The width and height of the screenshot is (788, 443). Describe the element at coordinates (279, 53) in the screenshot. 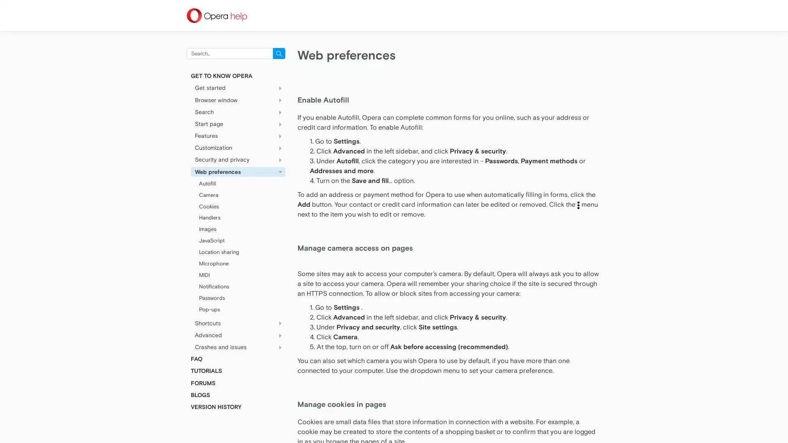

I see `Search` at that location.